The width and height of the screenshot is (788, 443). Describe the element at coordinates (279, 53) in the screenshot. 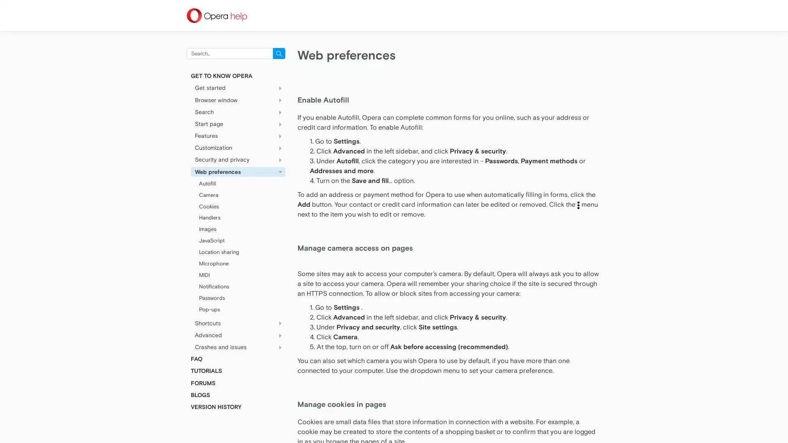

I see `Search` at that location.